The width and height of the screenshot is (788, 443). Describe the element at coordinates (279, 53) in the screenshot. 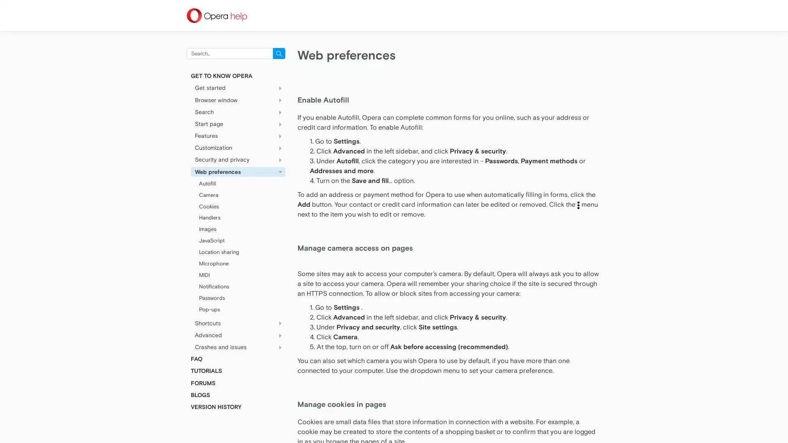

I see `Search` at that location.